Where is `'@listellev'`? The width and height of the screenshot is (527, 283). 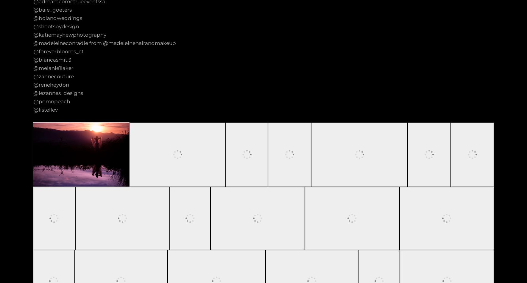
'@listellev' is located at coordinates (45, 110).